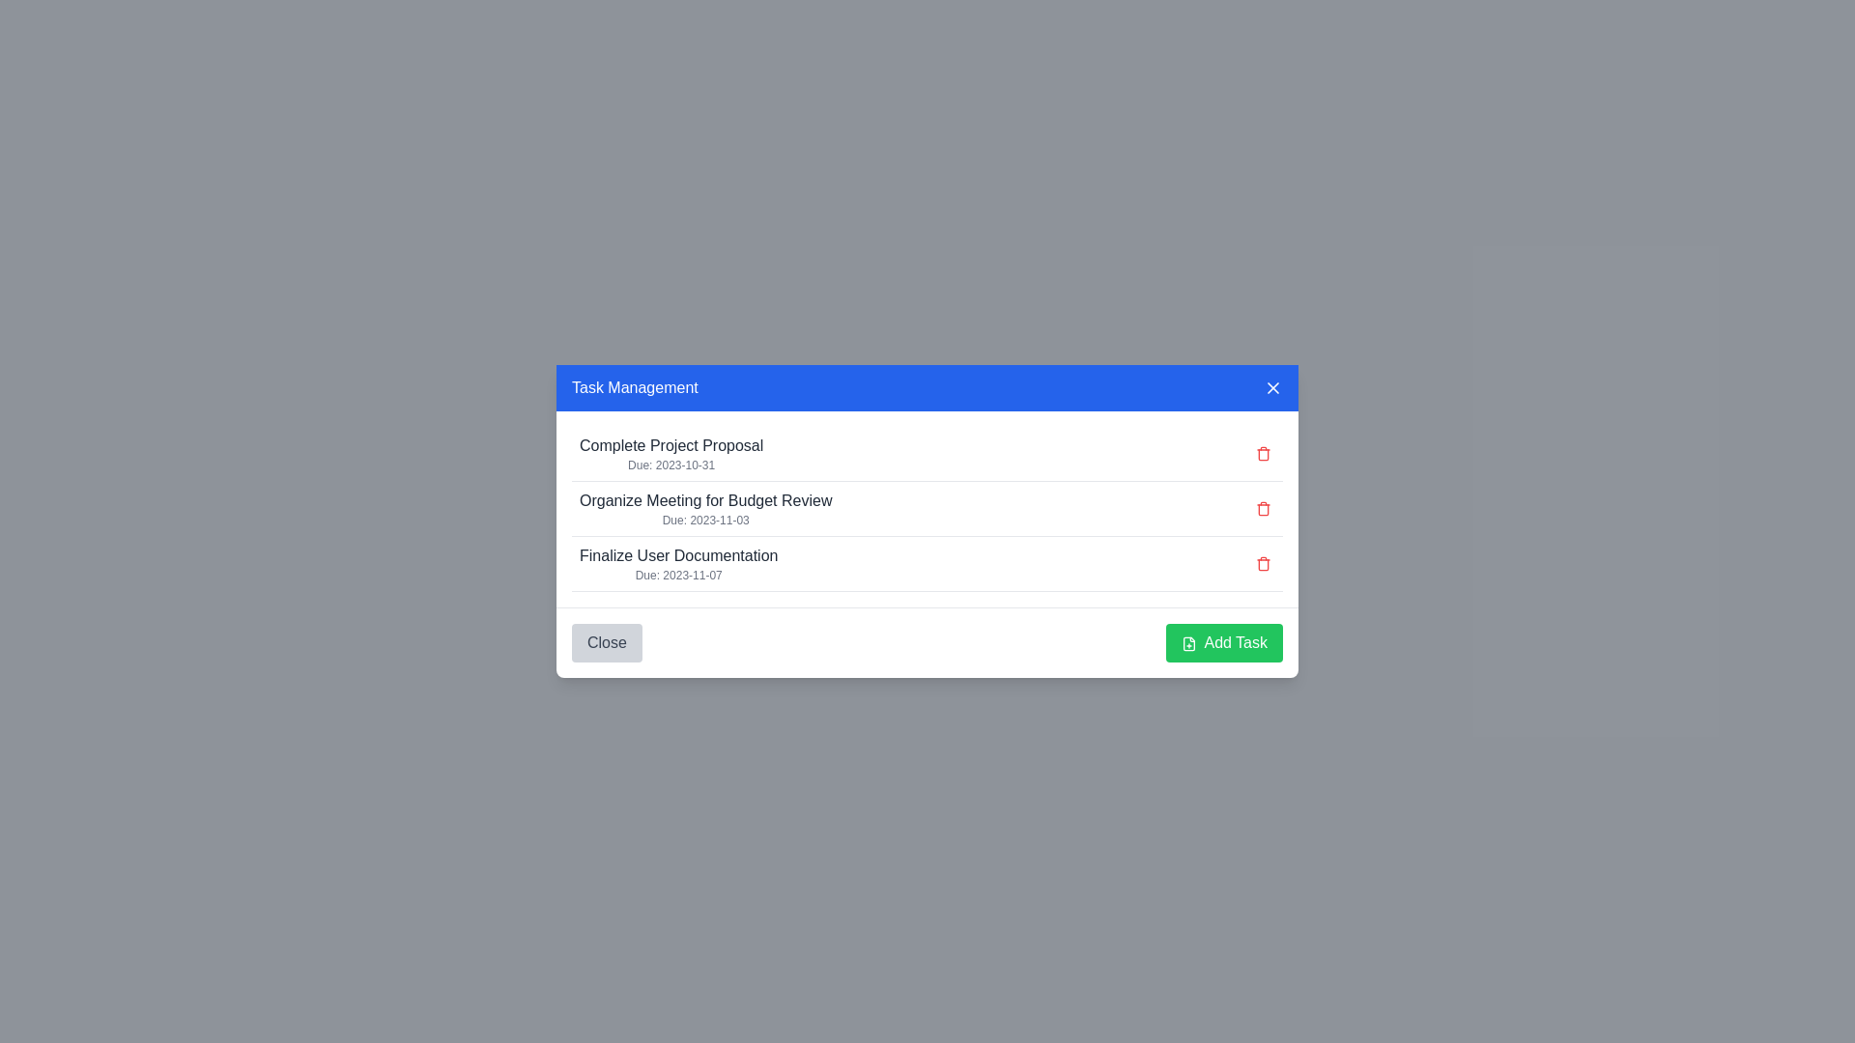  Describe the element at coordinates (606, 643) in the screenshot. I see `the 'Close' button to close the dialog` at that location.